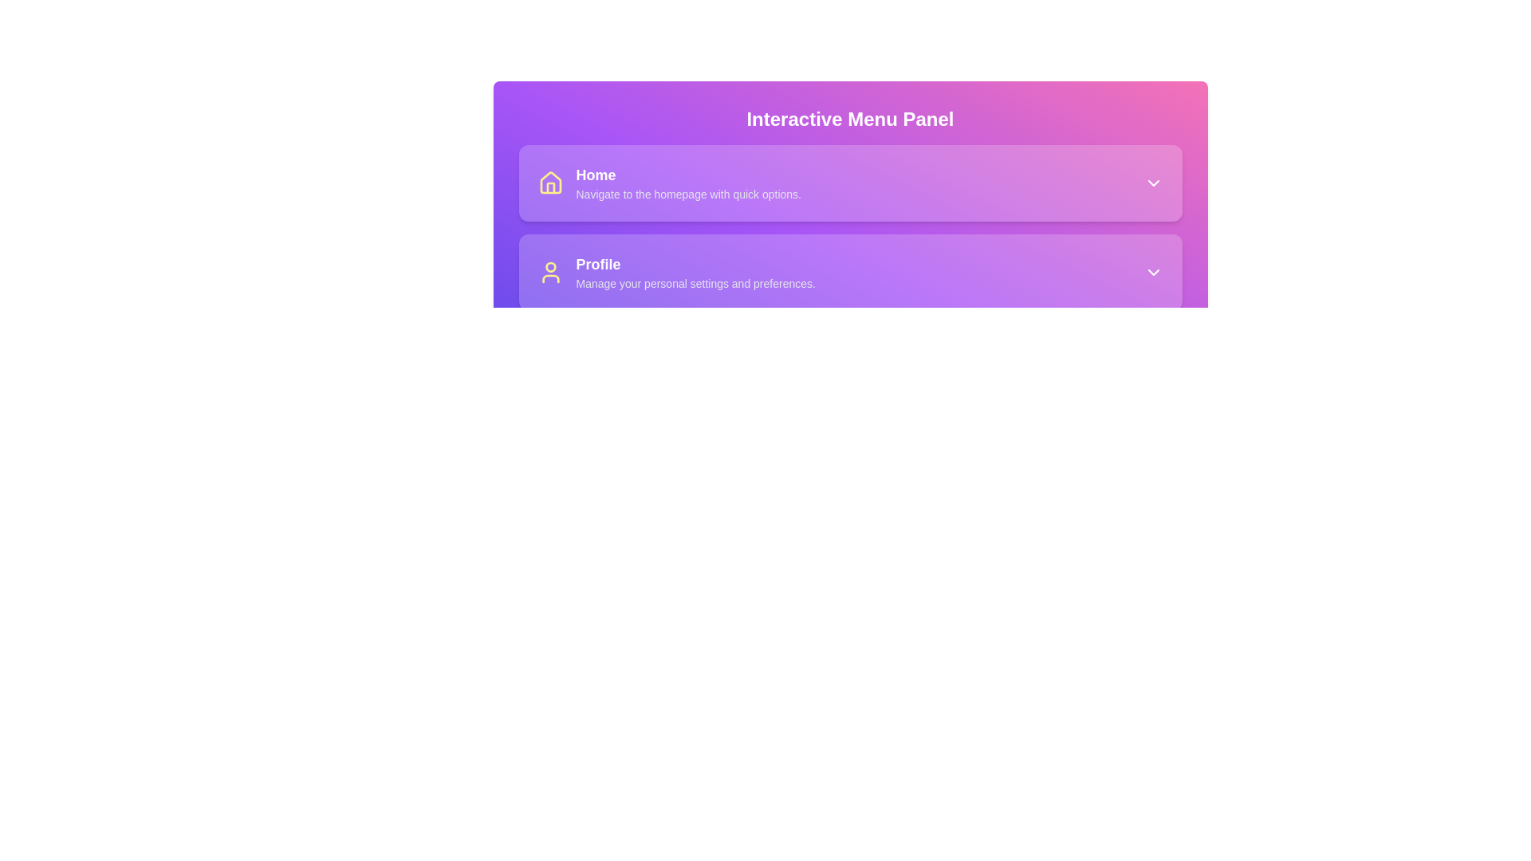 This screenshot has width=1531, height=861. What do you see at coordinates (676, 272) in the screenshot?
I see `the Profile navigation list item located in the sidebar menu` at bounding box center [676, 272].